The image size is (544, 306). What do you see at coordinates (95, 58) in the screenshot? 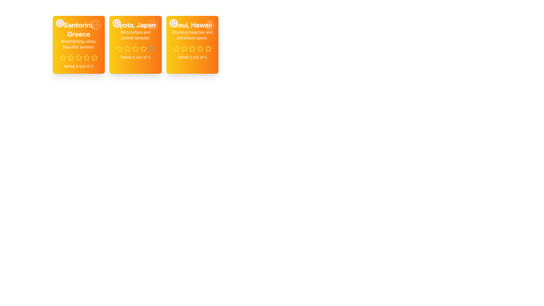
I see `the fifth yellow star icon in the rating bar of the card titled 'Santorini, Greece'` at bounding box center [95, 58].